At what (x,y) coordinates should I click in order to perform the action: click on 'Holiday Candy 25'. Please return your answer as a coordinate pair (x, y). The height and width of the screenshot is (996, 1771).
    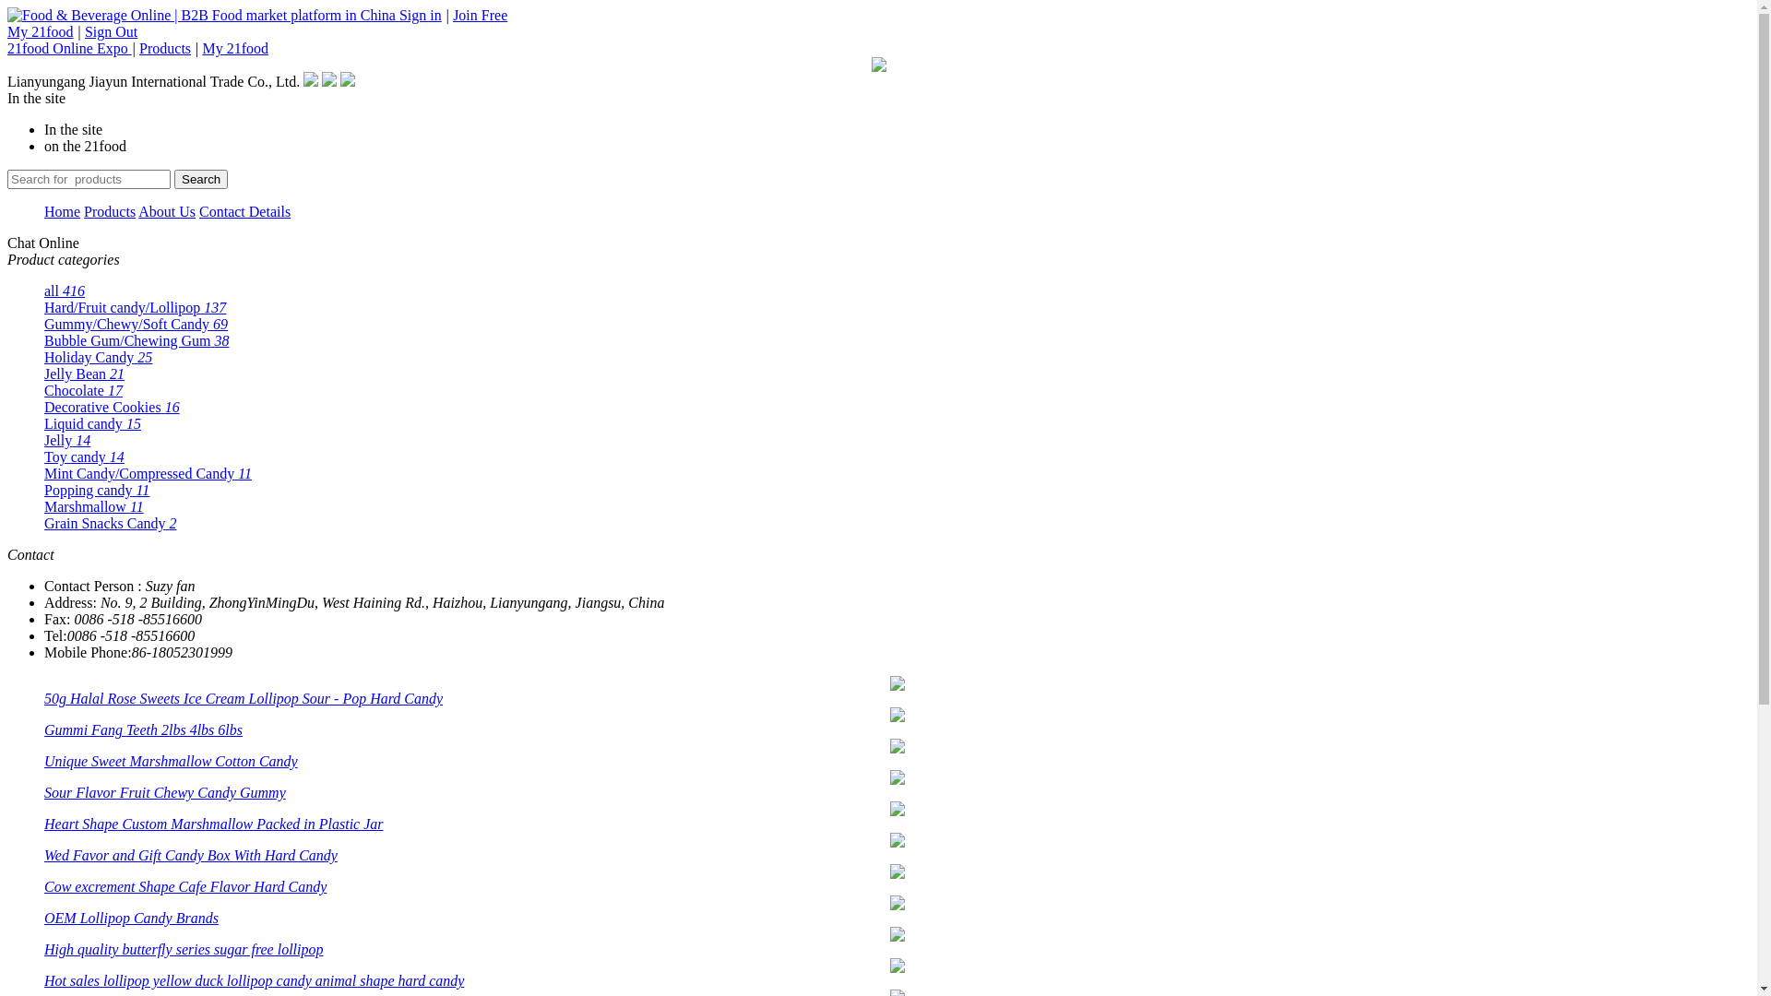
    Looking at the image, I should click on (97, 357).